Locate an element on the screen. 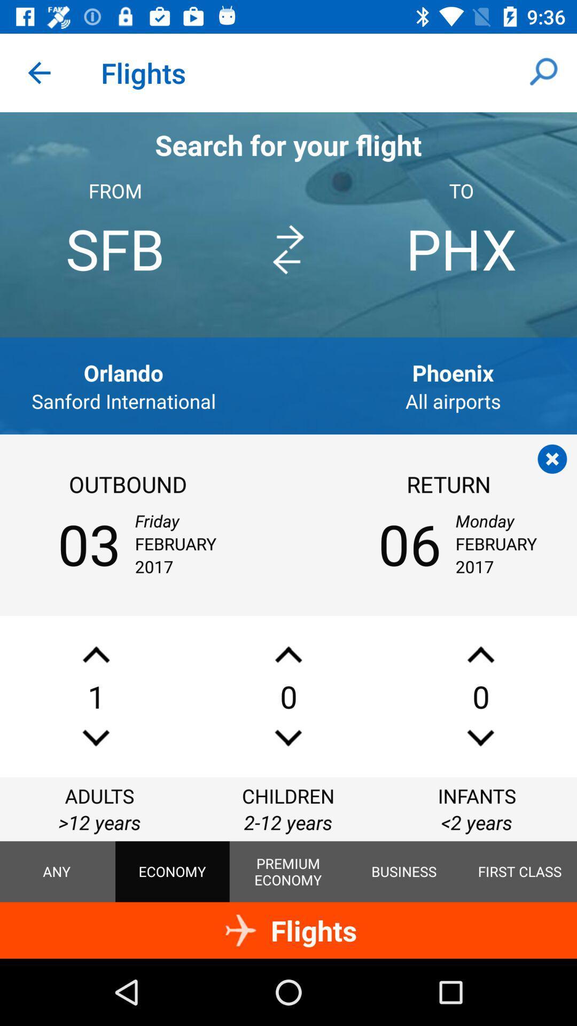 The height and width of the screenshot is (1026, 577). the sliders icon is located at coordinates (480, 737).